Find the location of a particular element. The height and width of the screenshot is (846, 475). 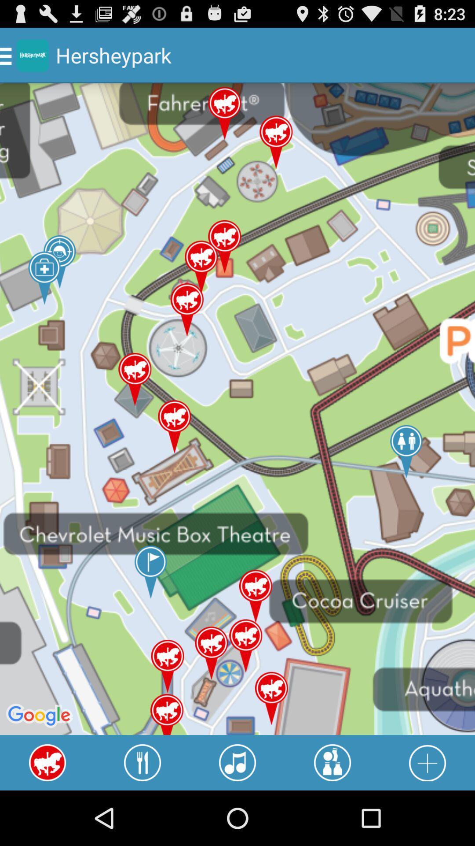

attractions is located at coordinates (332, 762).